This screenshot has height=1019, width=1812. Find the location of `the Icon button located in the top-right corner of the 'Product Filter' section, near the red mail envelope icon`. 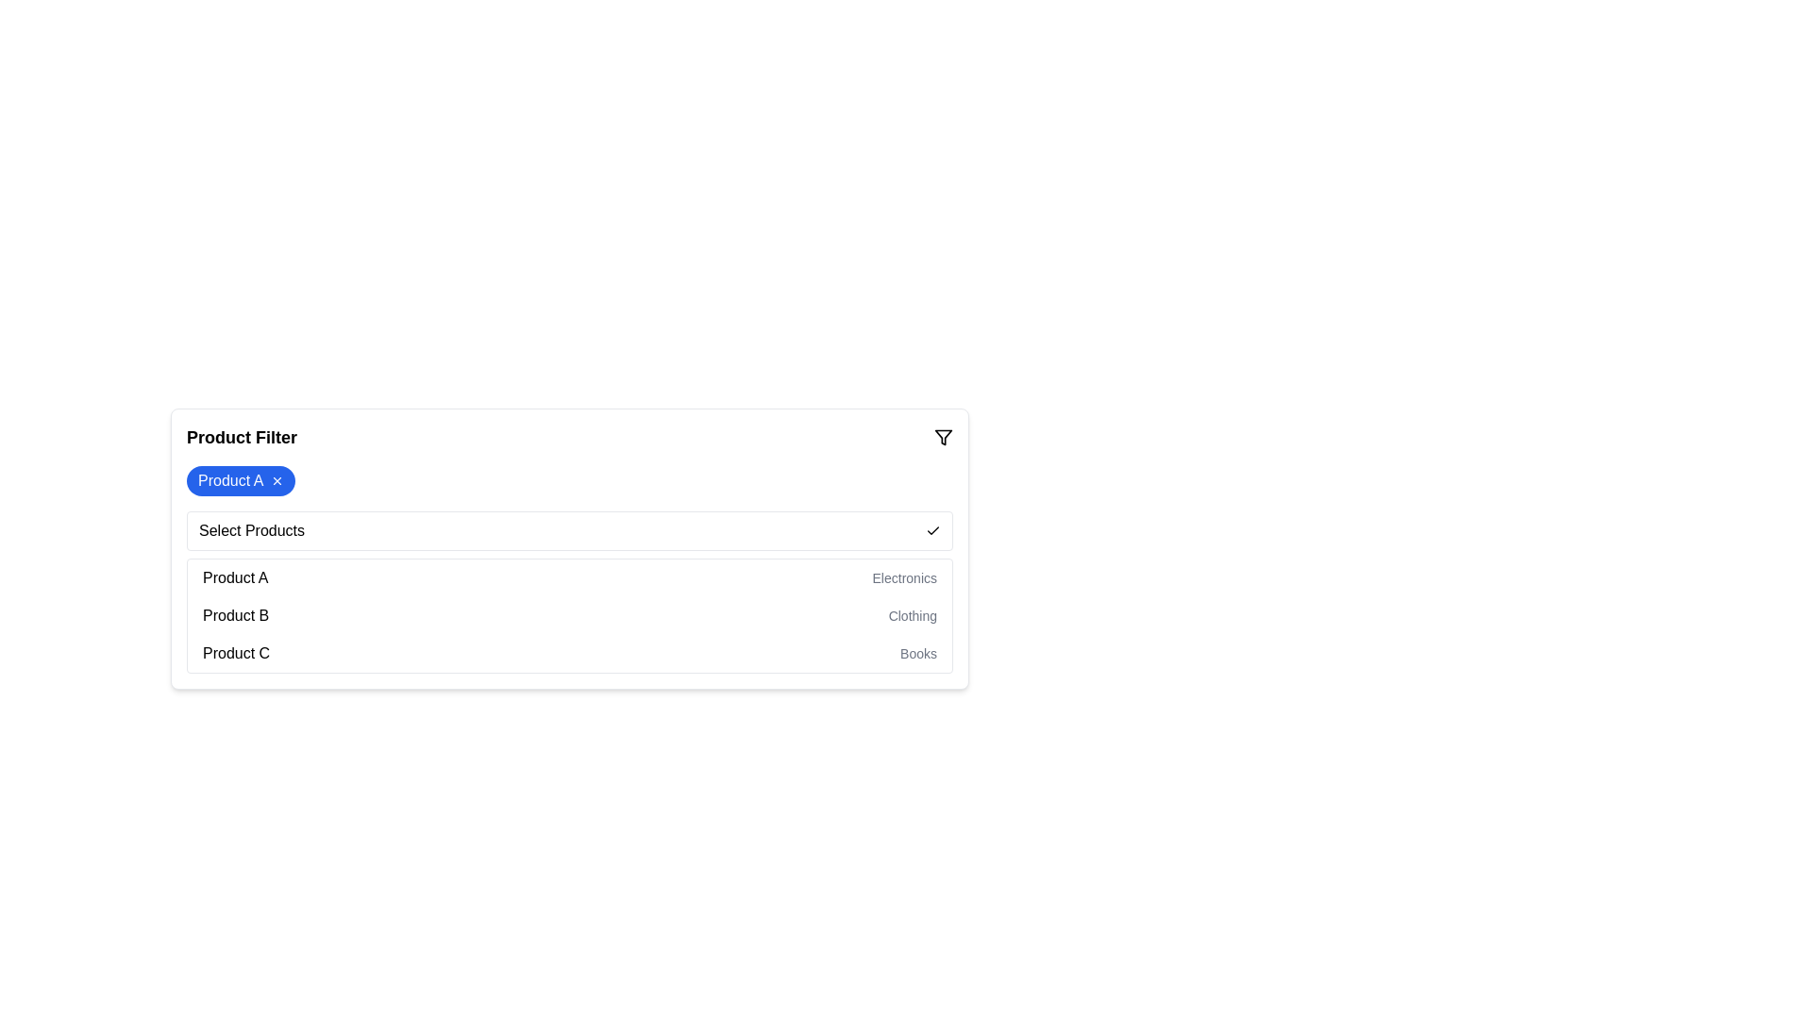

the Icon button located in the top-right corner of the 'Product Filter' section, near the red mail envelope icon is located at coordinates (943, 437).